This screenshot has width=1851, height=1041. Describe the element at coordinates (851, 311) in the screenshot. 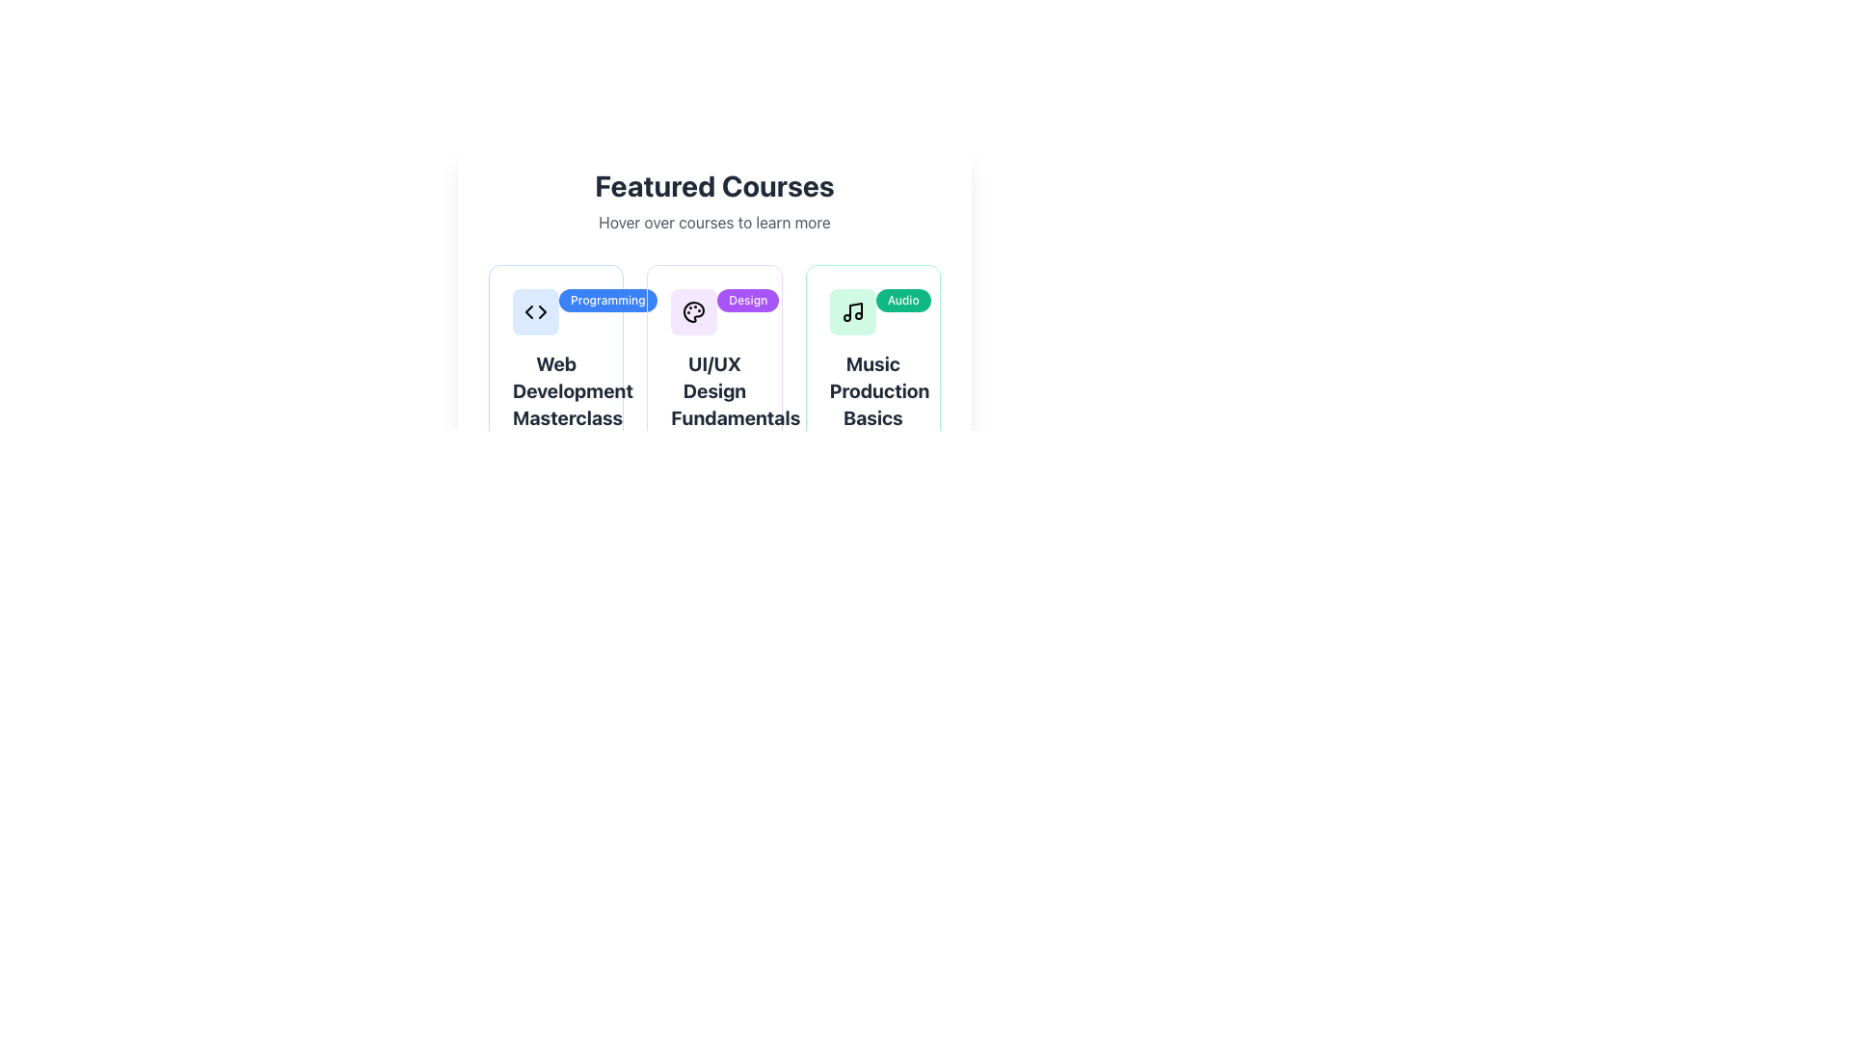

I see `the musical note icon located in the 'Featured Courses' section, specifically for the 'Music Production Basics' course, to understand its context` at that location.